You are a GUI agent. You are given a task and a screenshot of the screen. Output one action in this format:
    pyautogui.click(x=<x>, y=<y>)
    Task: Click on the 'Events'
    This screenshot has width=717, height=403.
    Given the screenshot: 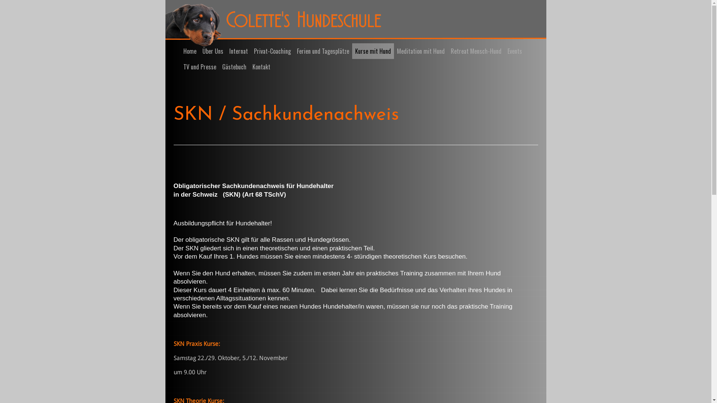 What is the action you would take?
    pyautogui.click(x=504, y=51)
    